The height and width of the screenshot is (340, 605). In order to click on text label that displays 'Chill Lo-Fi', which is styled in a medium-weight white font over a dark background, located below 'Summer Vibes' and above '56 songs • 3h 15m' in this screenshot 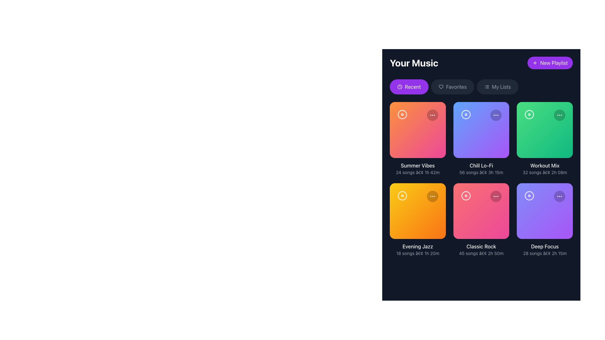, I will do `click(481, 165)`.